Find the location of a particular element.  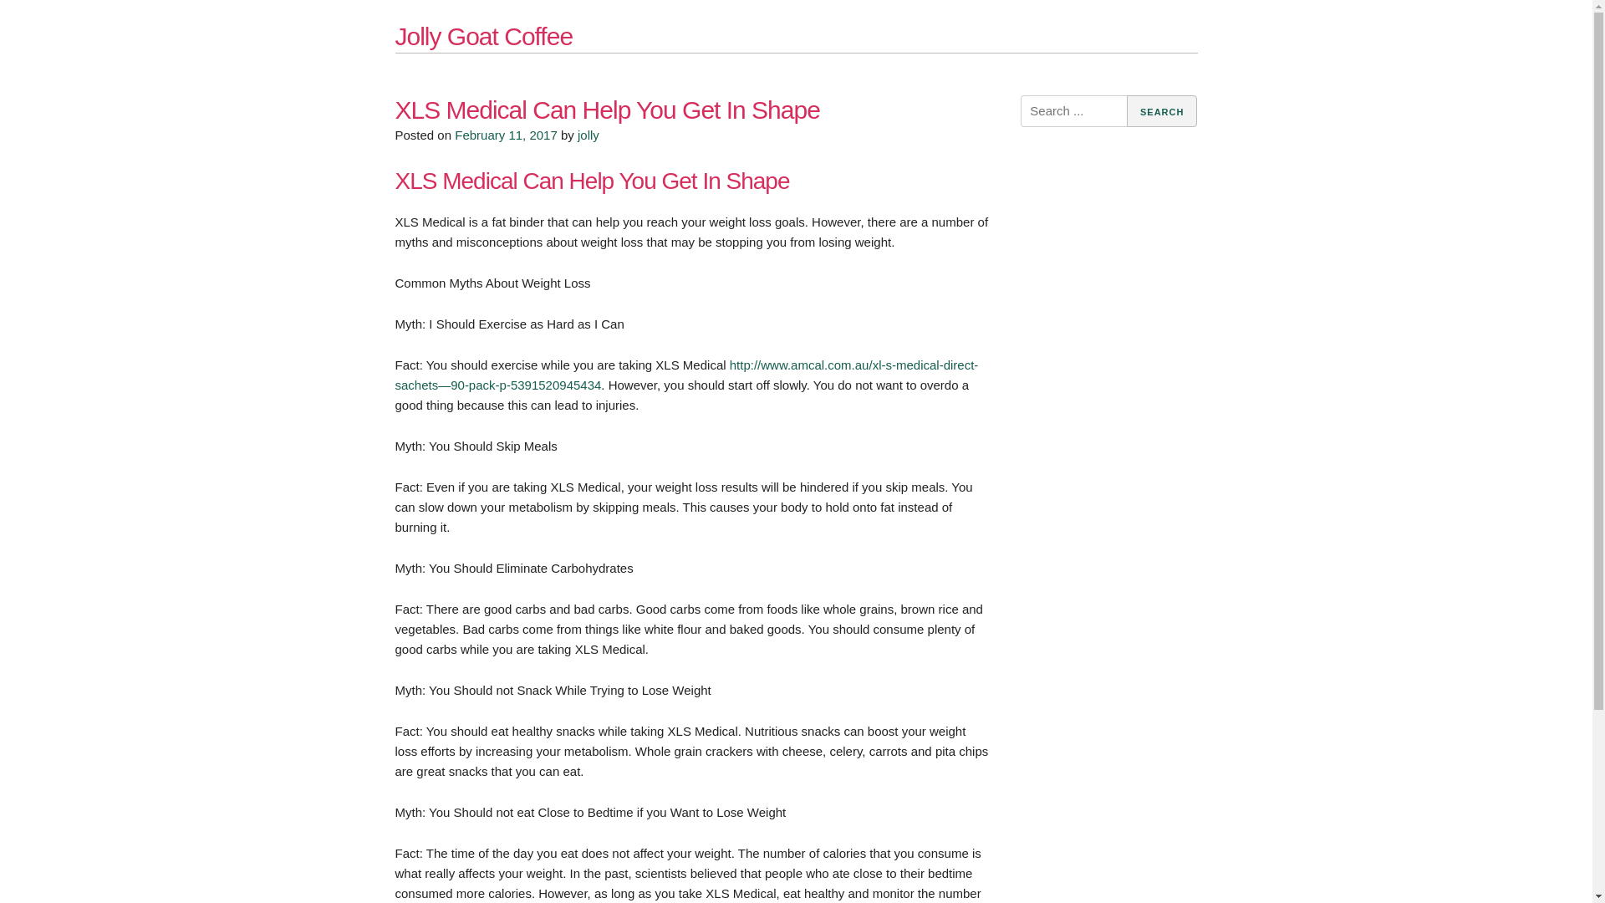

'Search' is located at coordinates (1127, 110).